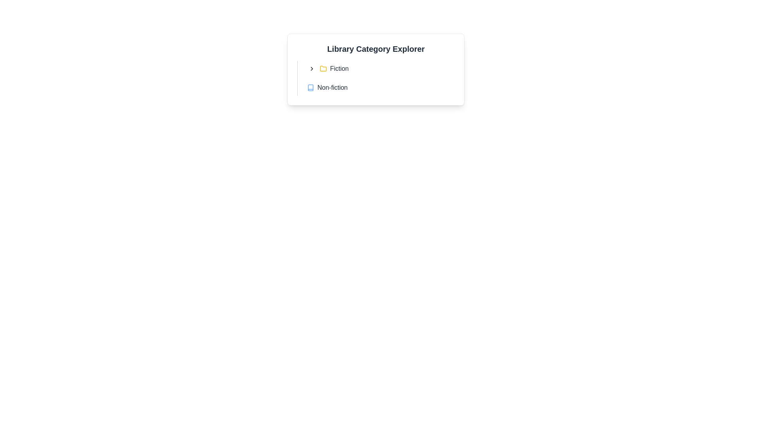 The height and width of the screenshot is (427, 759). I want to click on the folder icon representing the 'Fiction' category in the library catalog interface, which is located adjacent to the left of the text 'Fiction' and slightly below the chevron icon, so click(323, 68).